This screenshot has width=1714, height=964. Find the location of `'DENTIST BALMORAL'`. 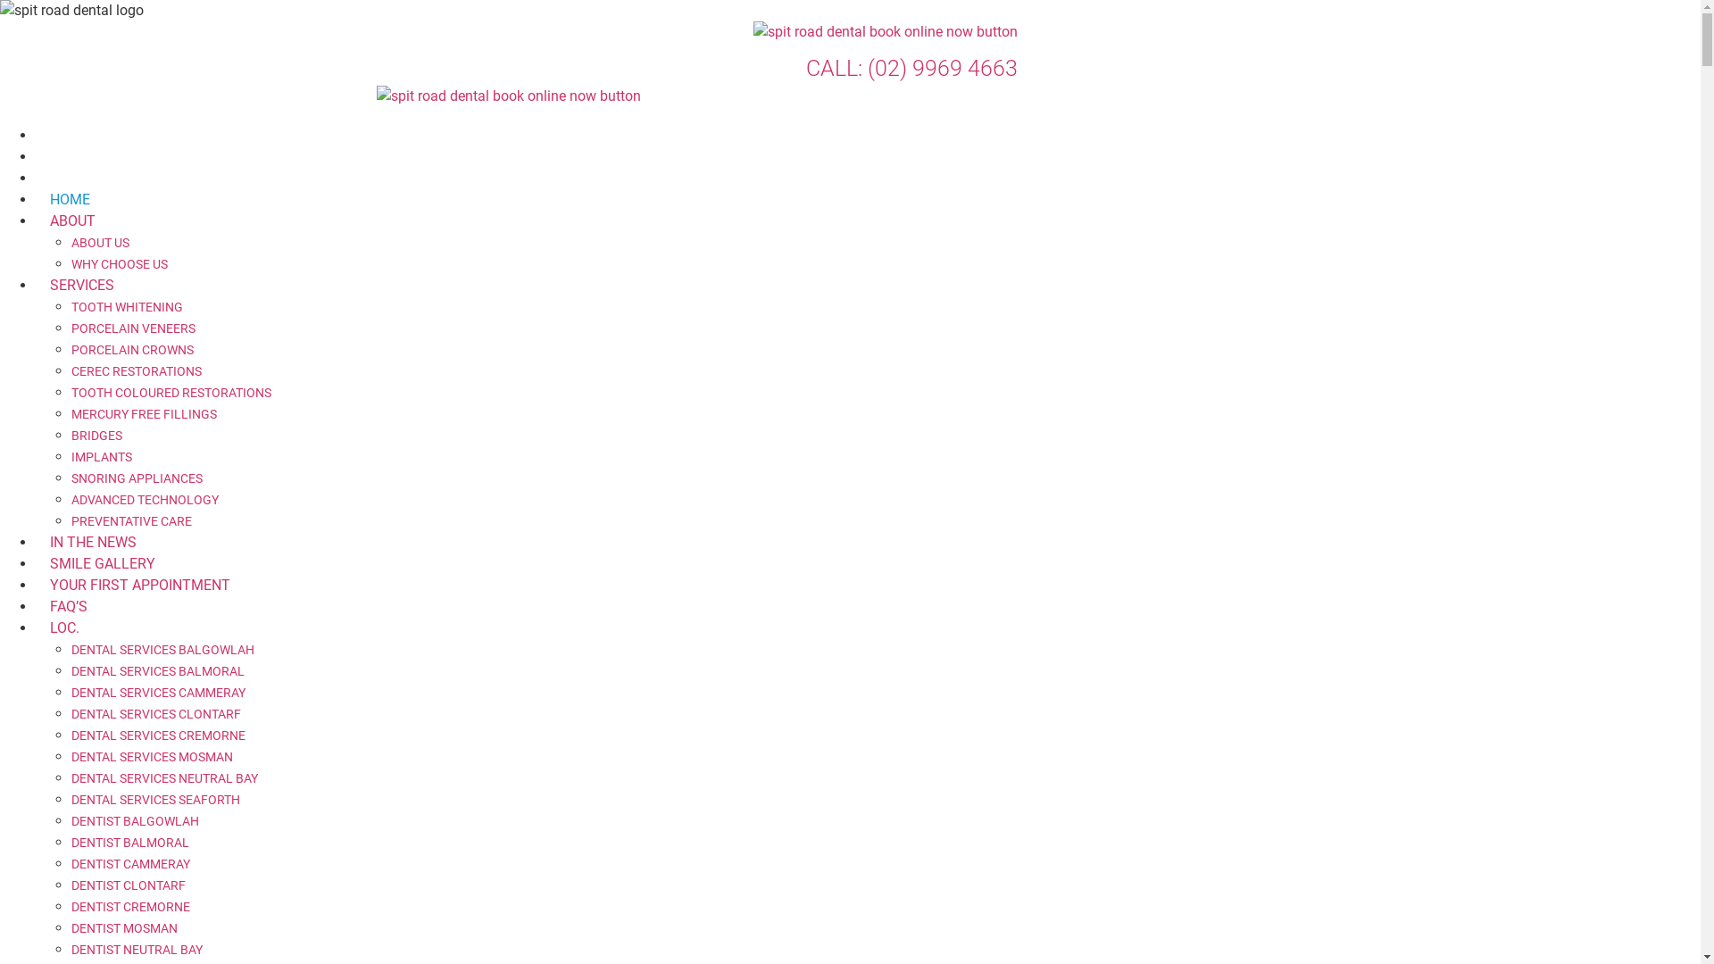

'DENTIST BALMORAL' is located at coordinates (129, 843).